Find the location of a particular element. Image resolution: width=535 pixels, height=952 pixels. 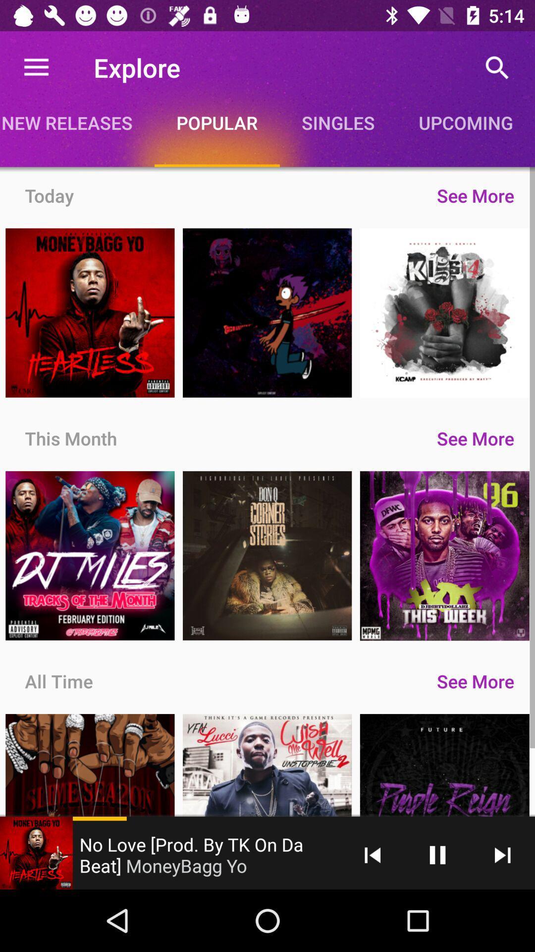

upcoming is located at coordinates (466, 122).